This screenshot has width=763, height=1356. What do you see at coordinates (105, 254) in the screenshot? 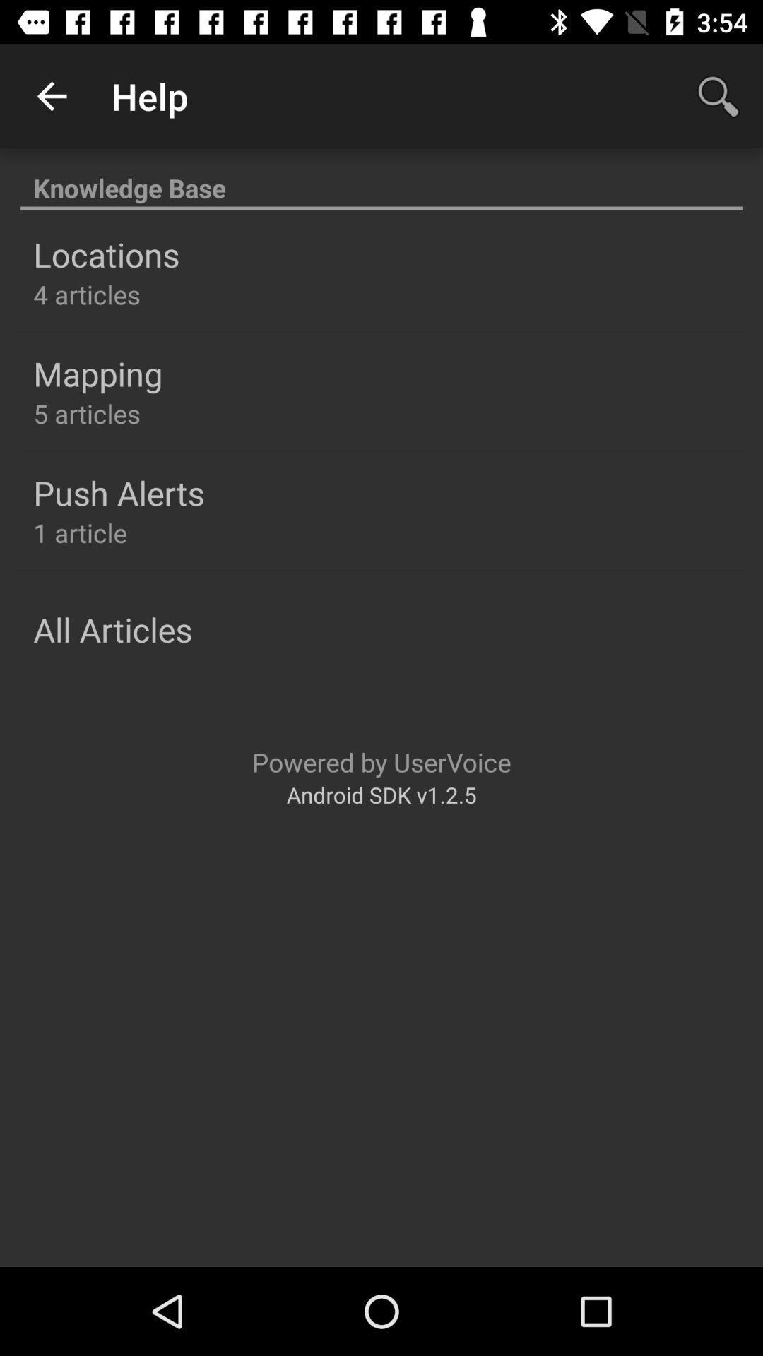
I see `locations icon` at bounding box center [105, 254].